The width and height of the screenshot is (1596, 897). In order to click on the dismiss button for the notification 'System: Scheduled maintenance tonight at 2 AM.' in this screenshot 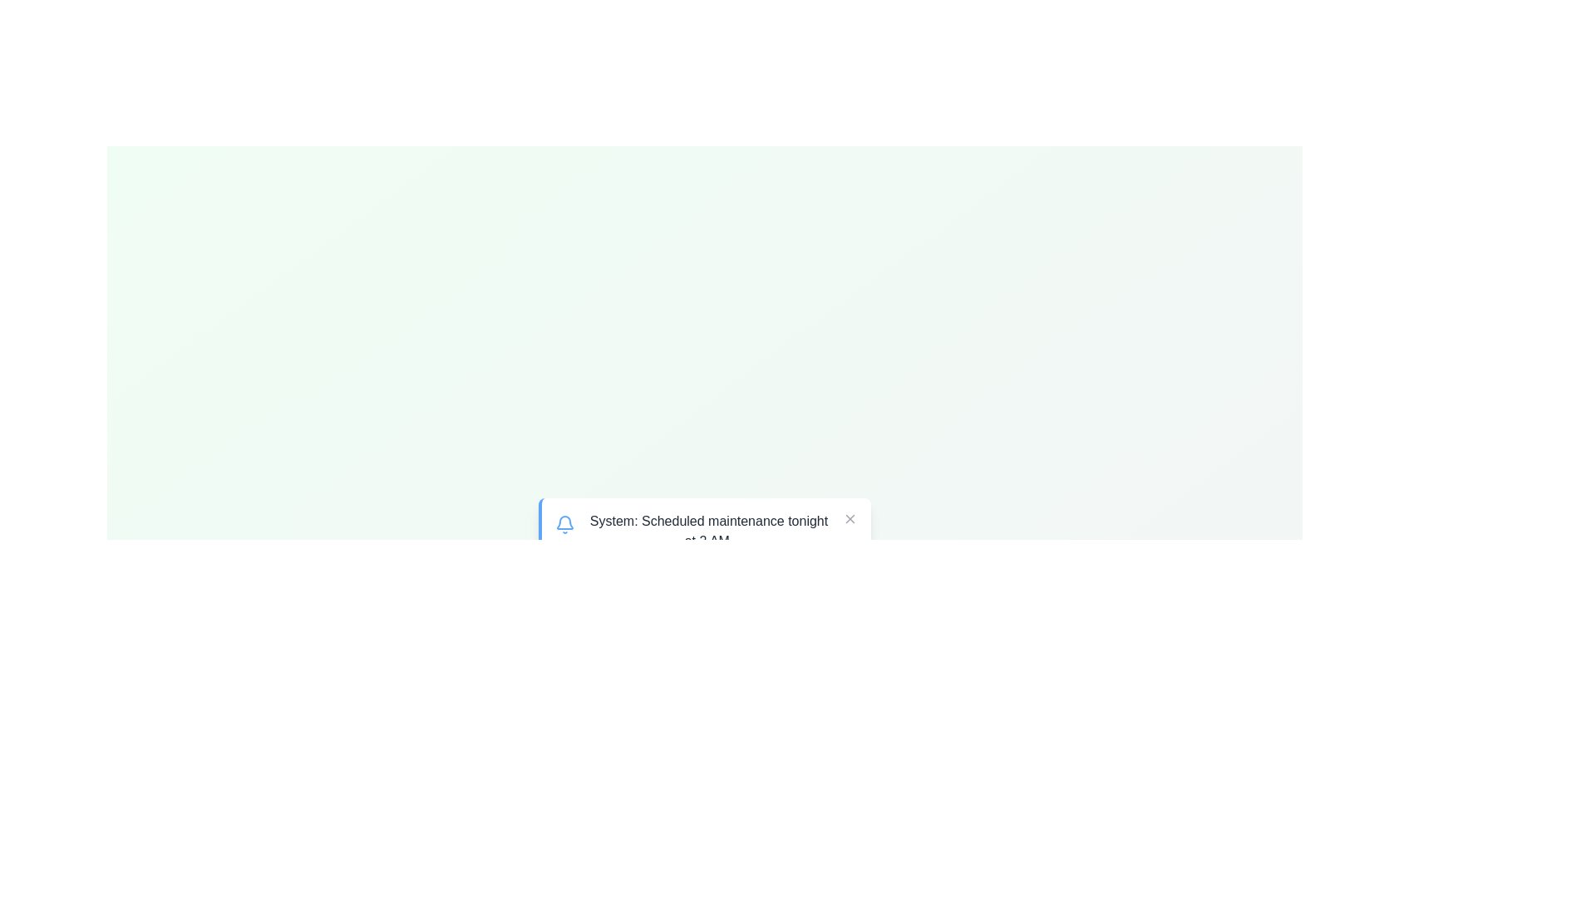, I will do `click(850, 517)`.